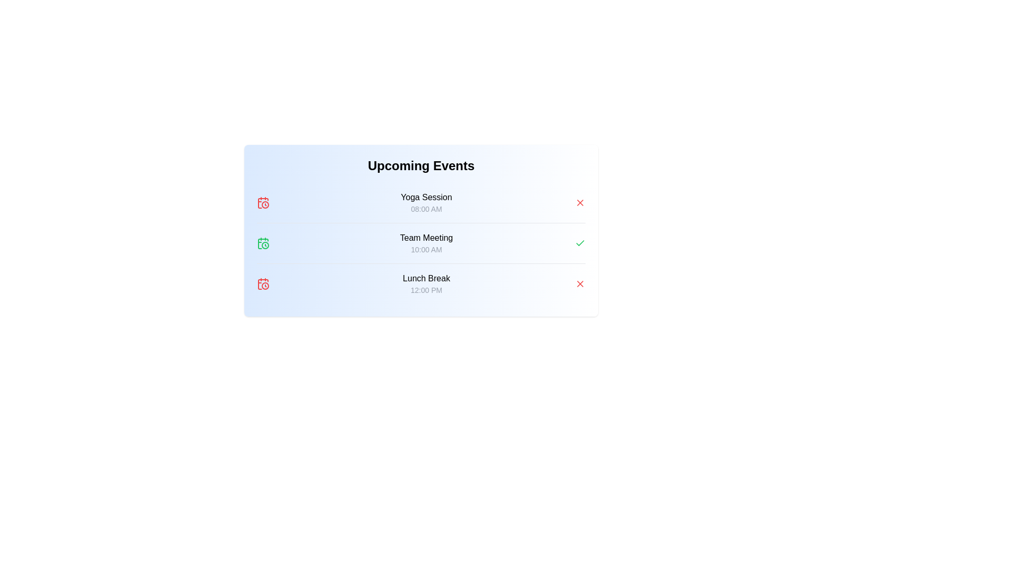 Image resolution: width=1011 pixels, height=569 pixels. I want to click on the delete button for the 'Lunch Break' event located at the rightmost part of the row labeled 'Lunch Break 12:00 PM', so click(580, 283).